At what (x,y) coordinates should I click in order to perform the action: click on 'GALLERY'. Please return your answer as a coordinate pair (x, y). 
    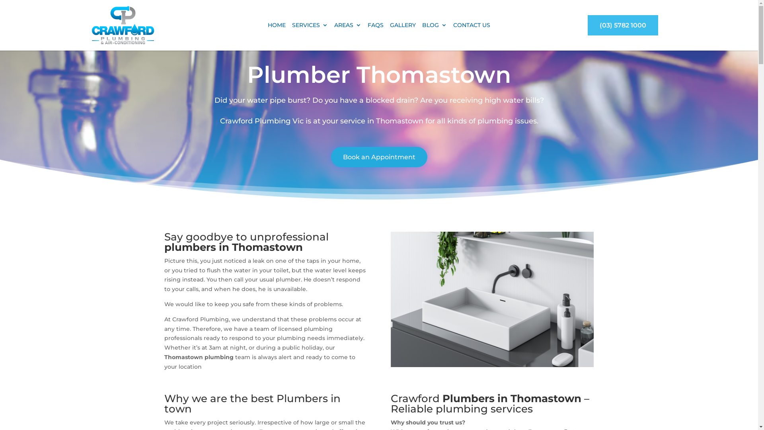
    Looking at the image, I should click on (403, 26).